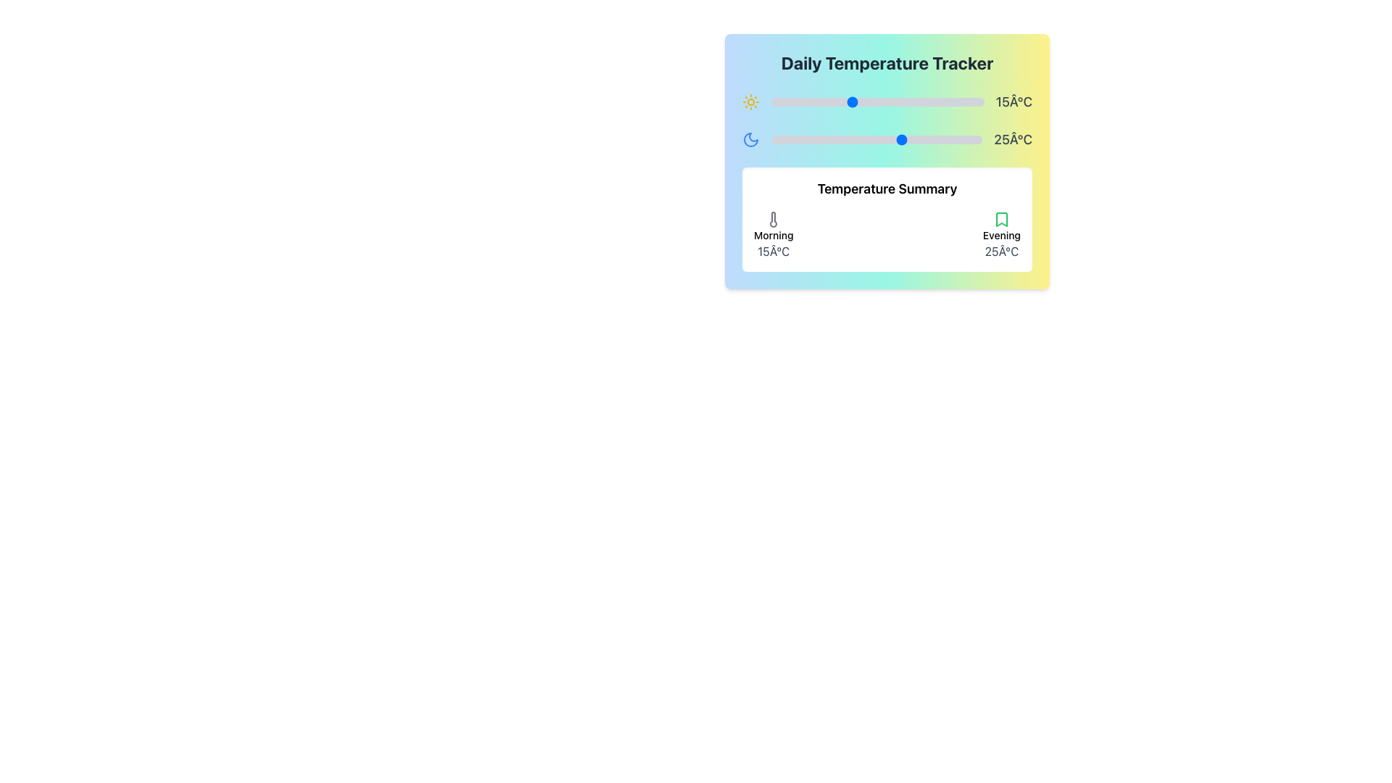  Describe the element at coordinates (1001, 234) in the screenshot. I see `the text label displaying 'Evening', which is centrally aligned within the 'Temperature Summary' section` at that location.